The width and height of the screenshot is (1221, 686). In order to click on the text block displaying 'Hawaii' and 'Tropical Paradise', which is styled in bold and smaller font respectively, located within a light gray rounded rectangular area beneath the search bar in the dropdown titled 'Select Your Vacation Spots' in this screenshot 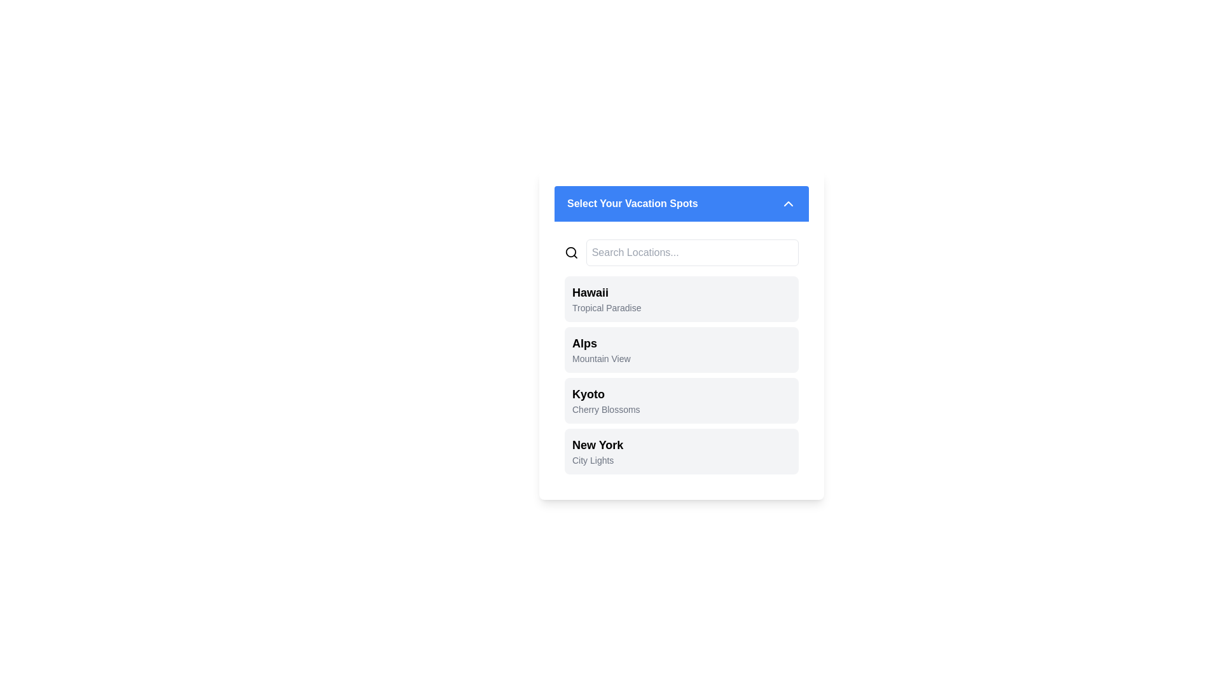, I will do `click(606, 299)`.